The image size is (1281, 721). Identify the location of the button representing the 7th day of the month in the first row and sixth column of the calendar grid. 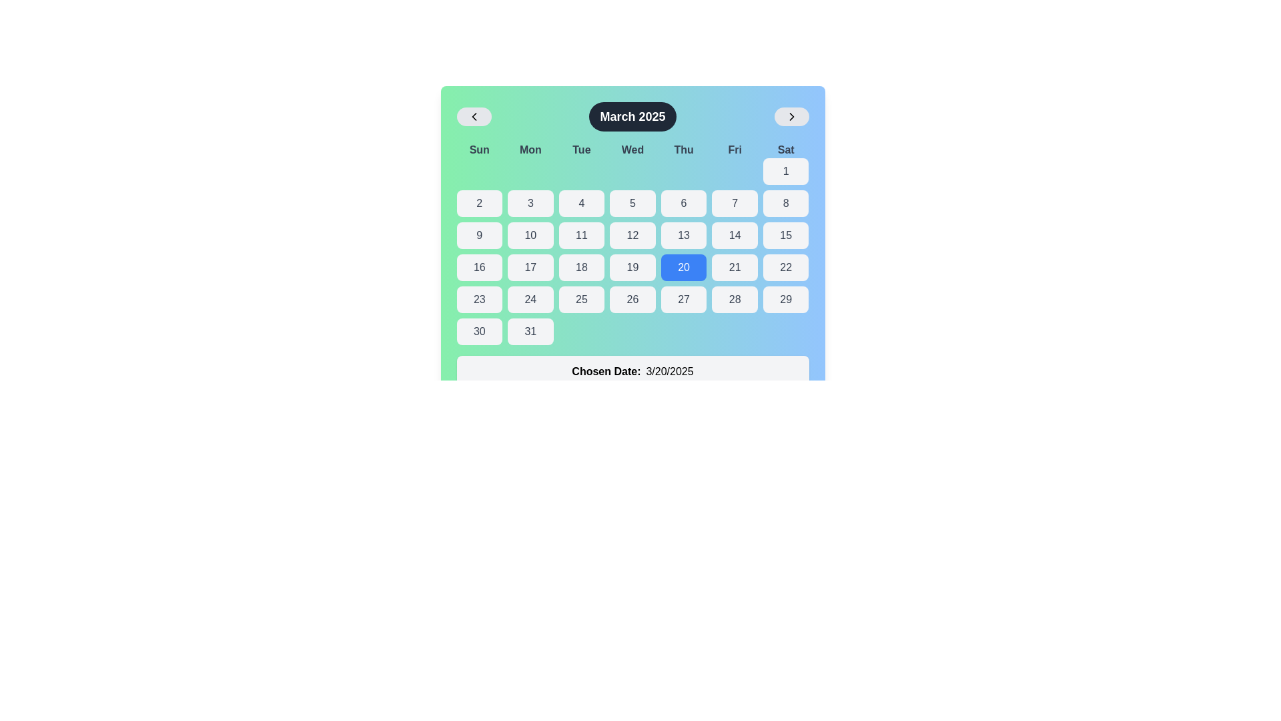
(734, 203).